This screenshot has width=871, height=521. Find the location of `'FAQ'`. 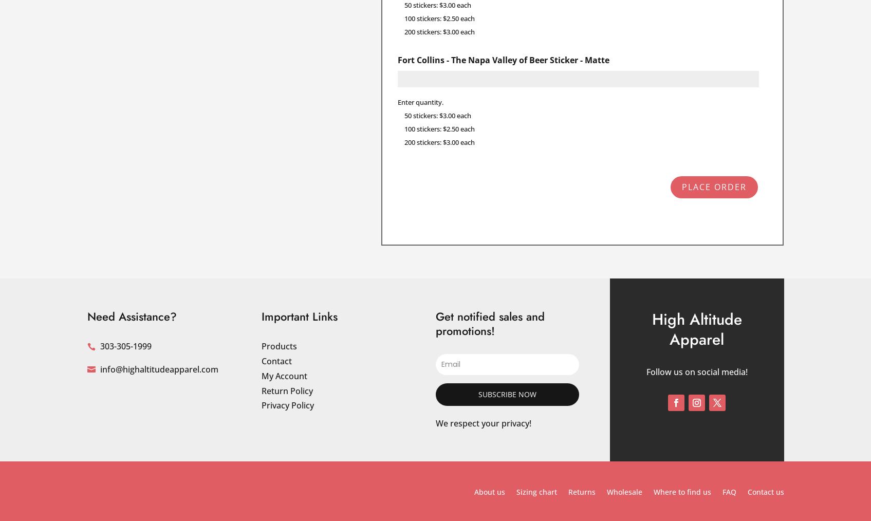

'FAQ' is located at coordinates (728, 492).